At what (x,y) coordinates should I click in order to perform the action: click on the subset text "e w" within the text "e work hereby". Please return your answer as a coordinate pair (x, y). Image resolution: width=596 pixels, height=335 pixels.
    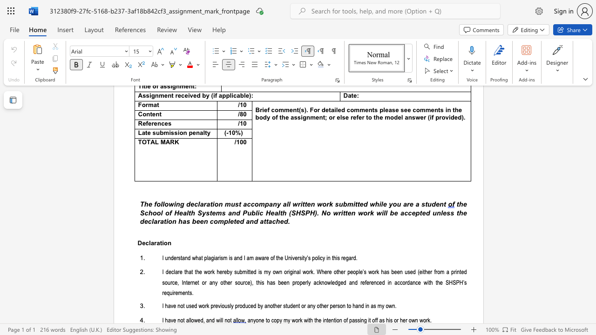
    Looking at the image, I should click on (198, 272).